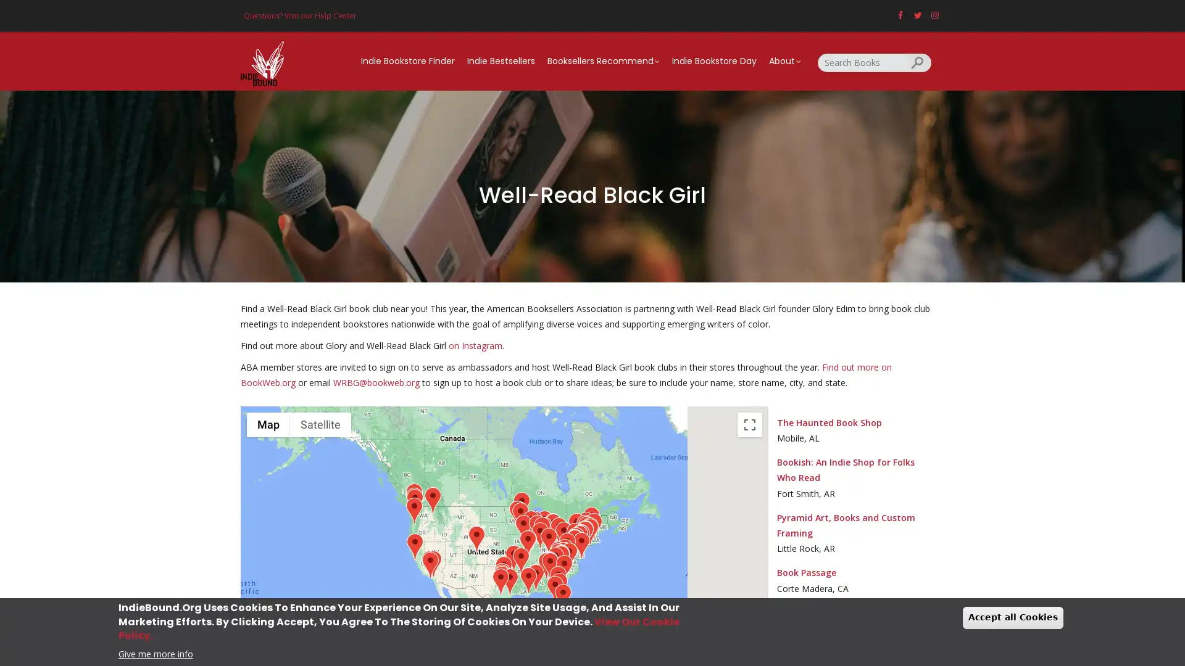 The image size is (1185, 666). I want to click on Sscarlet's Web Bookstore (Online Only), so click(584, 533).